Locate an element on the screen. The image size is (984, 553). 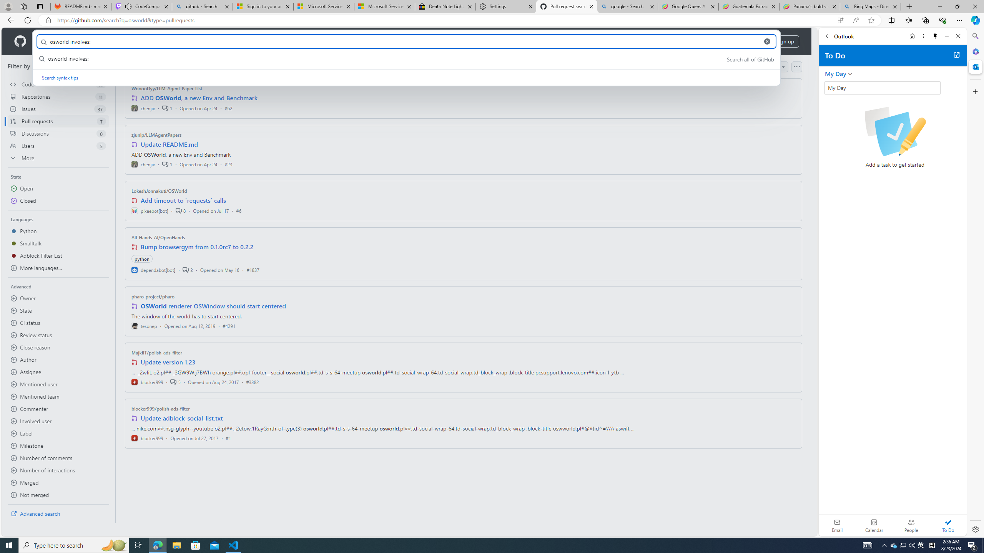
'#1837' is located at coordinates (252, 269).